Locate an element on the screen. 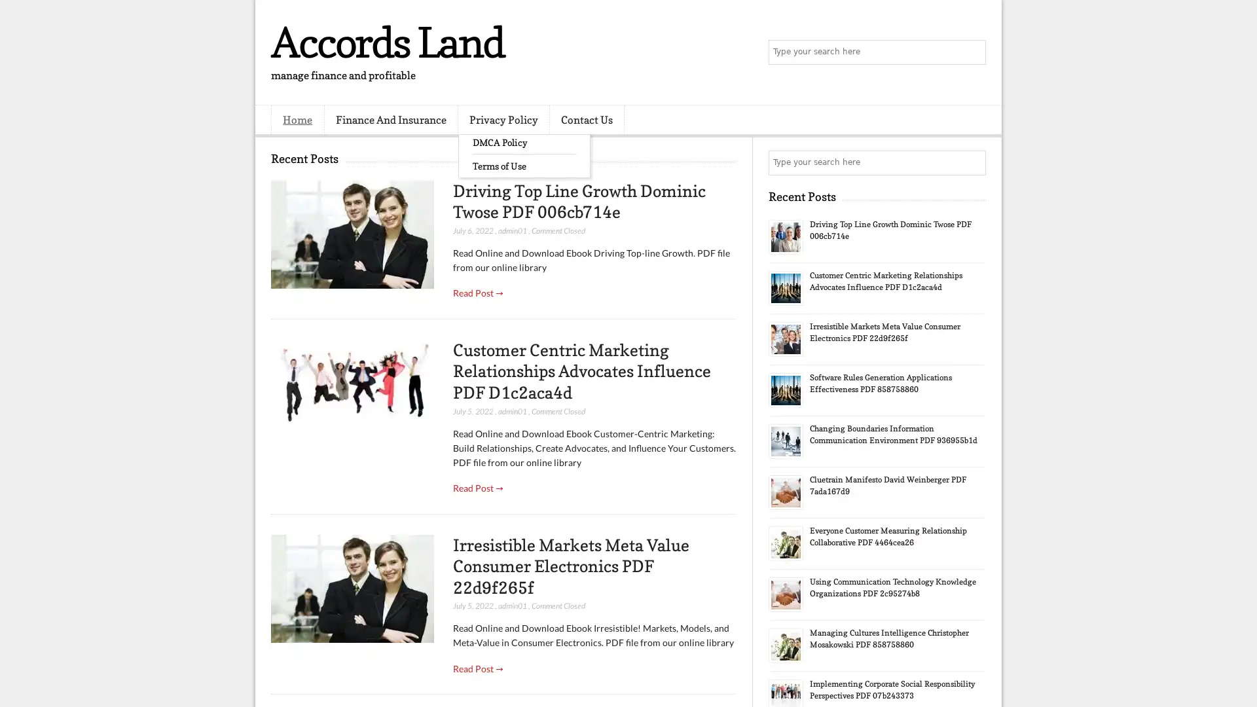 Image resolution: width=1257 pixels, height=707 pixels. Search is located at coordinates (972, 52).